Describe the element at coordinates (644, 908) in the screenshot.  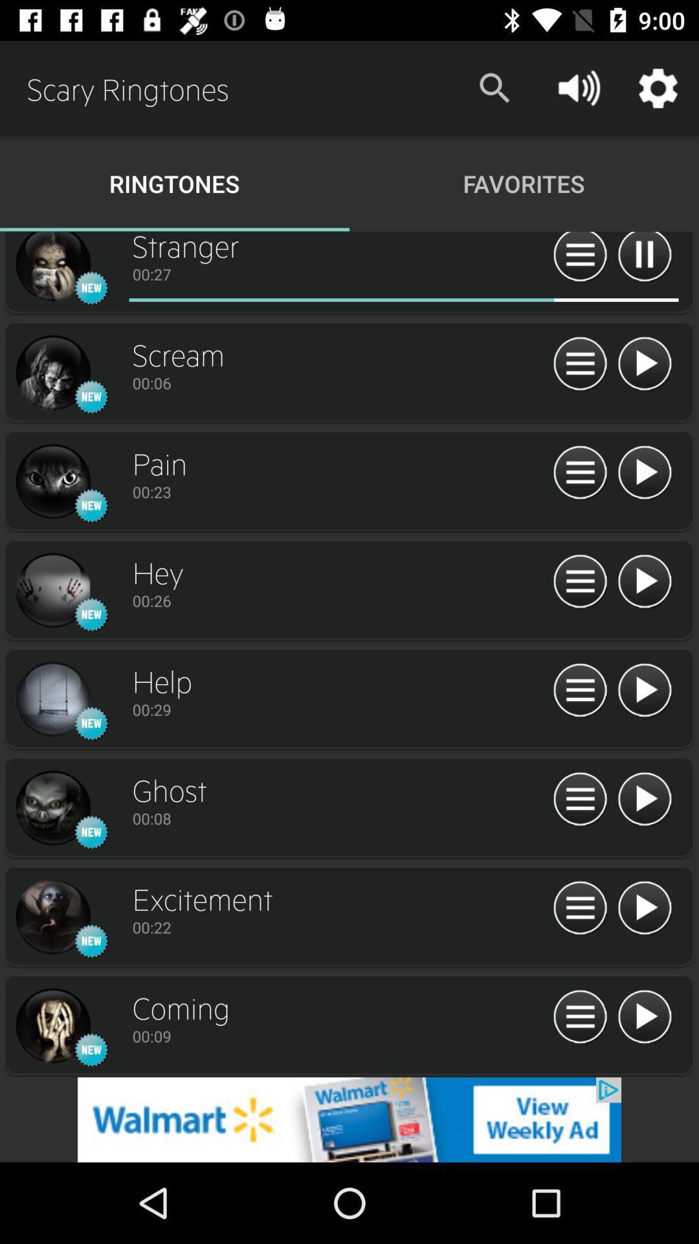
I see `track` at that location.